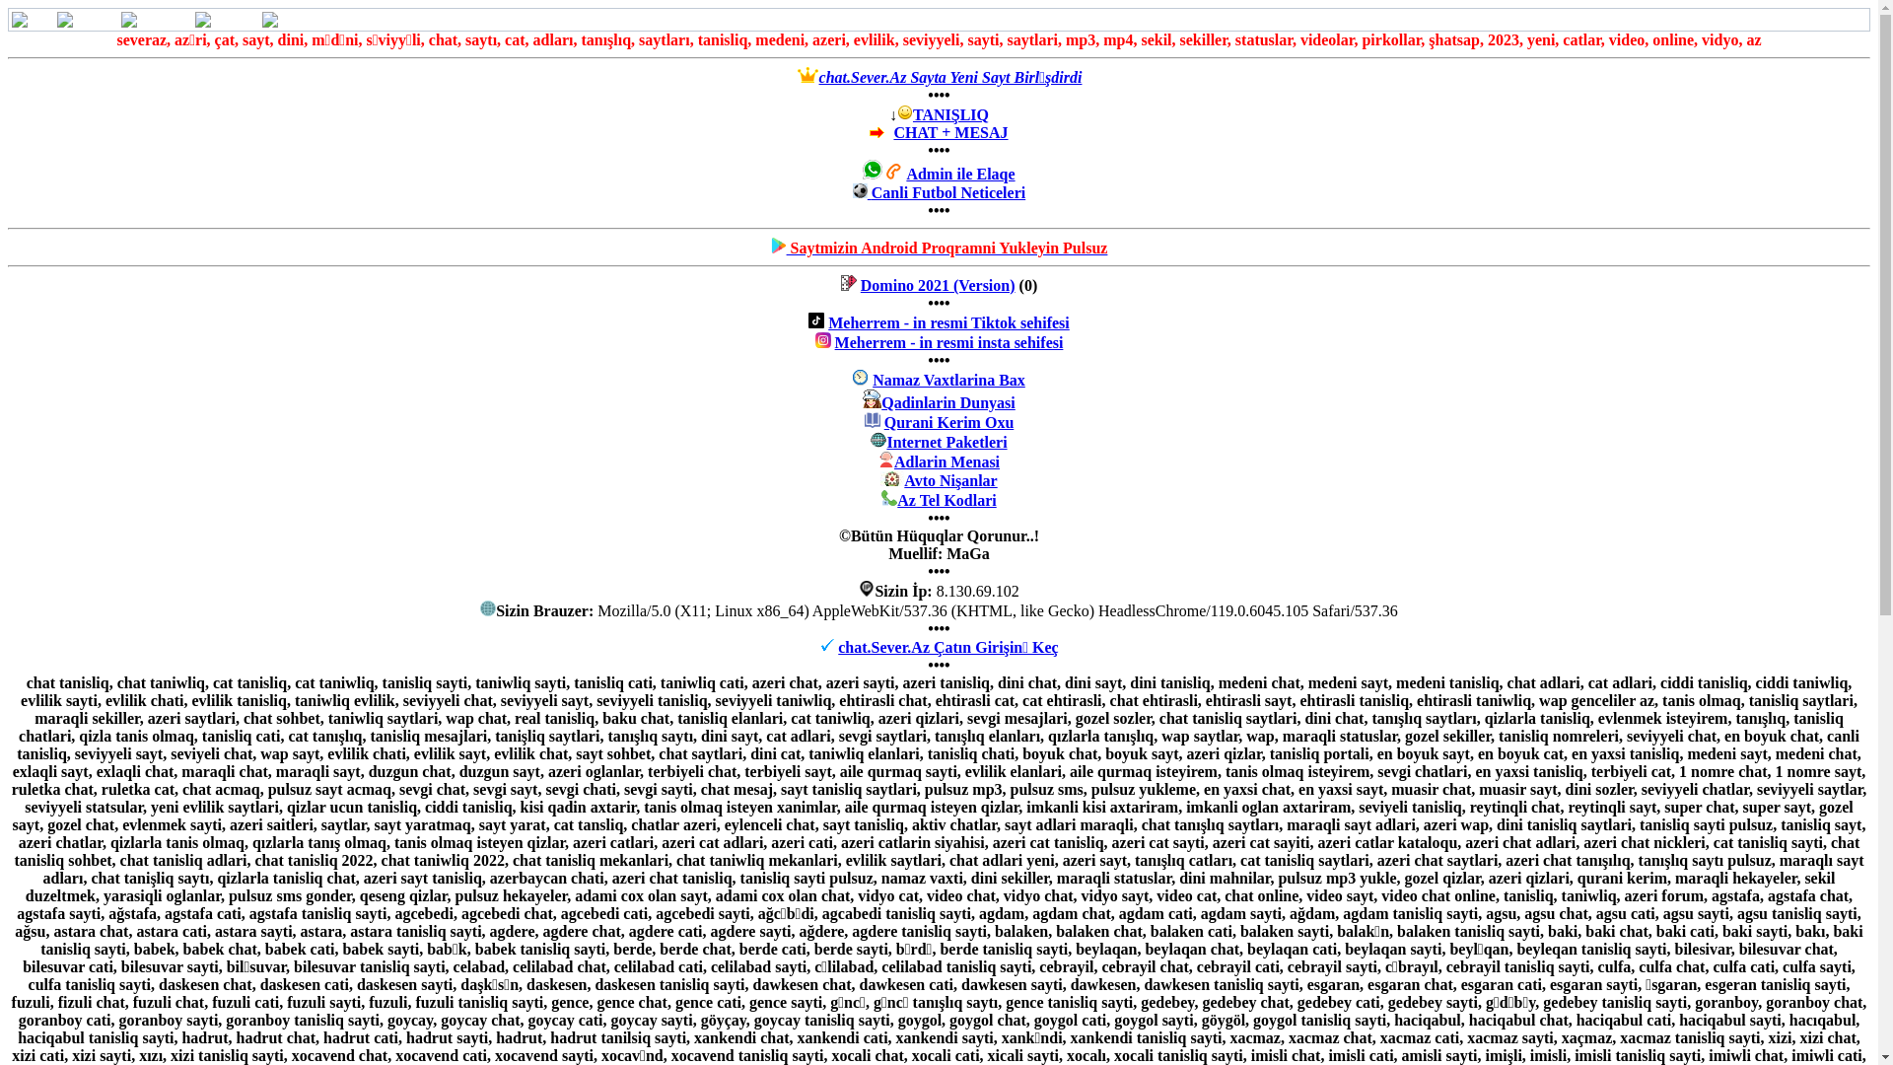 Image resolution: width=1893 pixels, height=1065 pixels. Describe the element at coordinates (861, 285) in the screenshot. I see `'Domino 2021 (Version)'` at that location.